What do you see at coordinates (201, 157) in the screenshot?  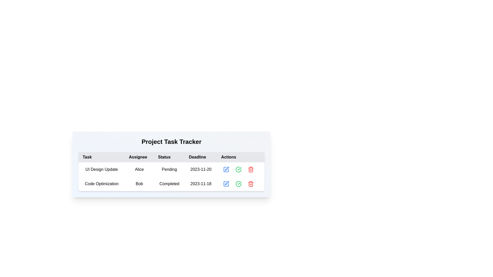 I see `the 'Deadline' text label in the header row of the table, which is styled with a gray background and bold black font` at bounding box center [201, 157].